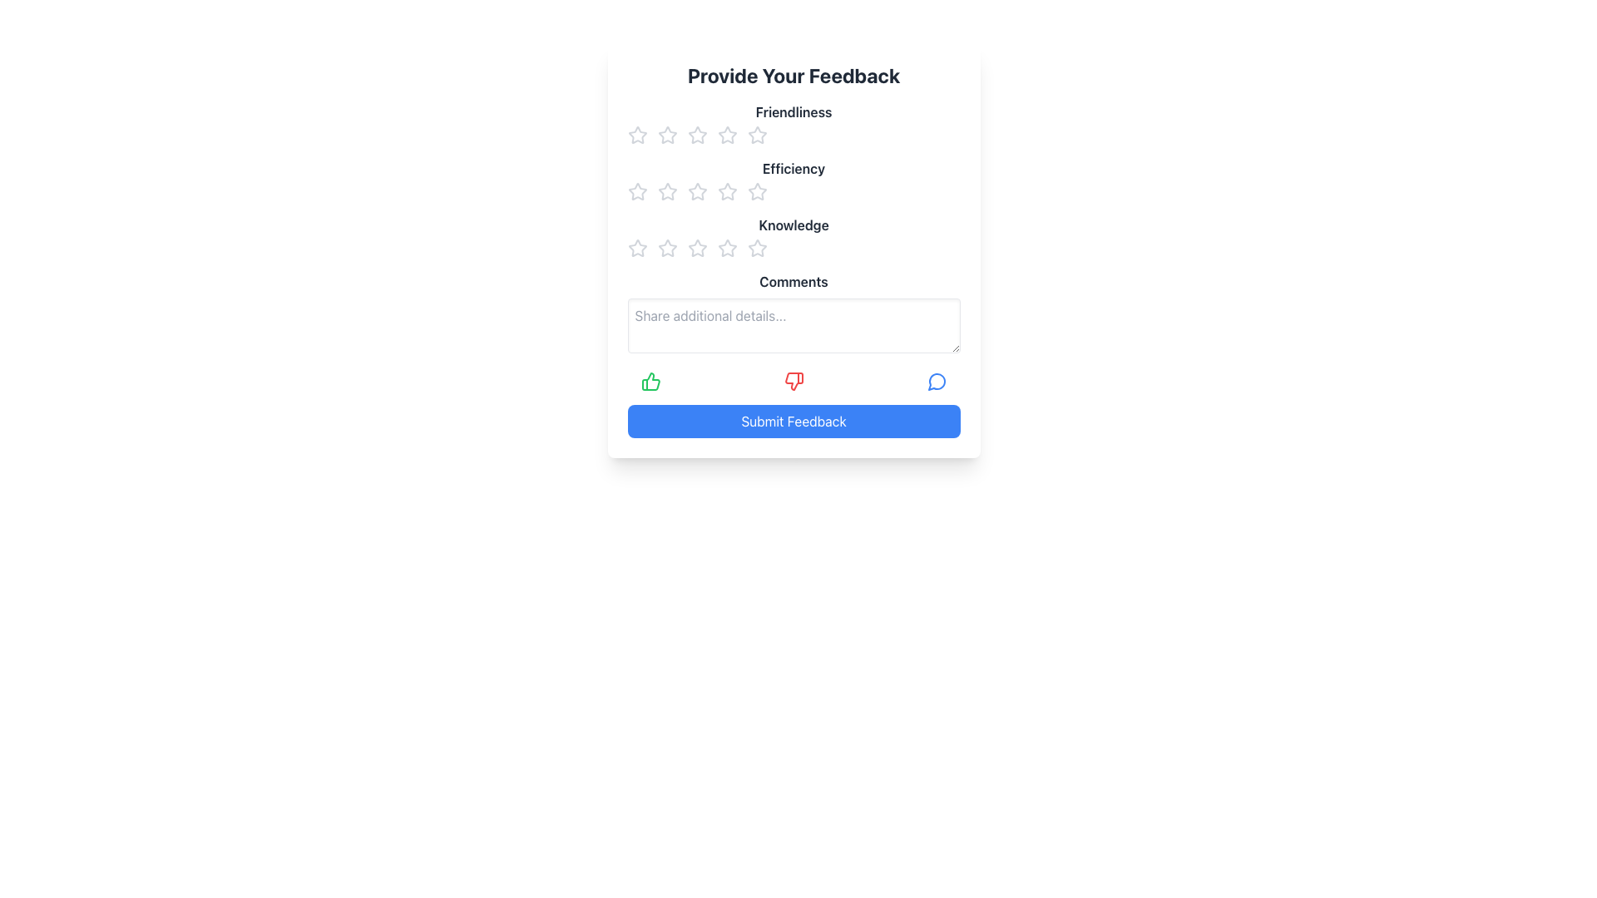 Image resolution: width=1597 pixels, height=898 pixels. Describe the element at coordinates (650, 382) in the screenshot. I see `the Thumbs-Up icon to indicate positive feedback in the user feedback form interface` at that location.